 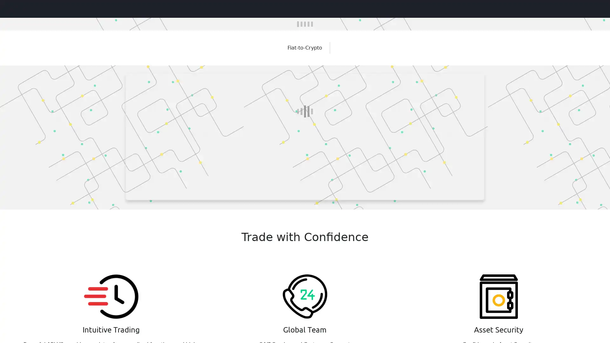 What do you see at coordinates (588, 8) in the screenshot?
I see `English` at bounding box center [588, 8].